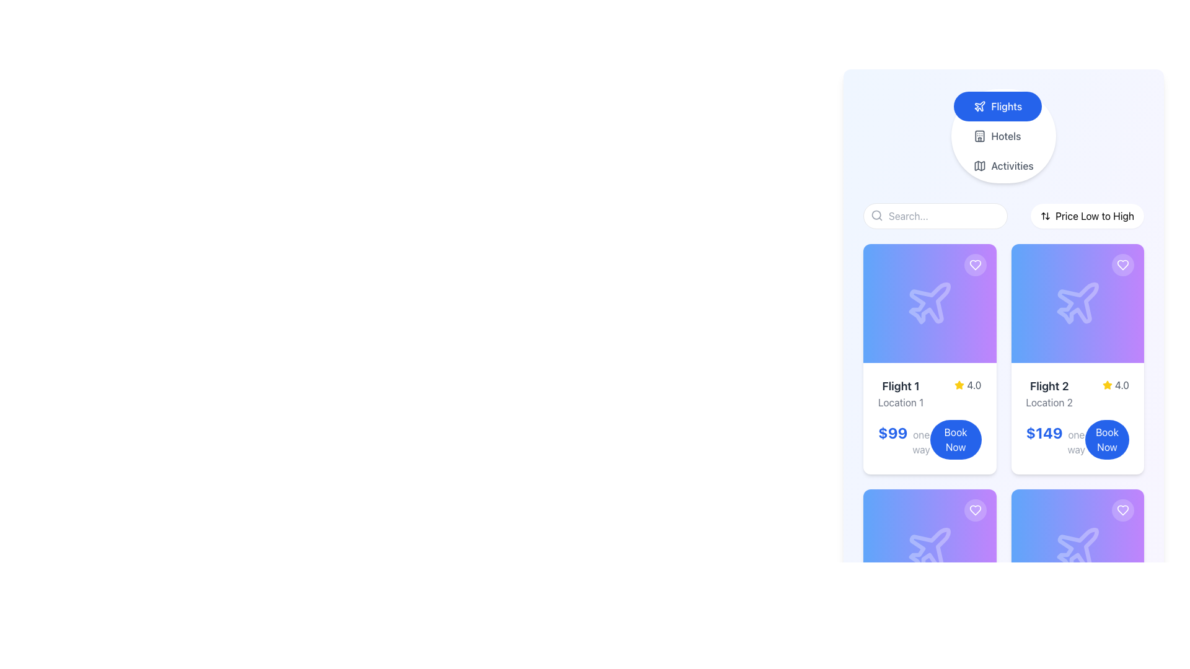  Describe the element at coordinates (1077, 548) in the screenshot. I see `the airplane icon, which is styled in a light gradient of blue and purple and located in the bottom right card of a 2x2 grid of flight options` at that location.